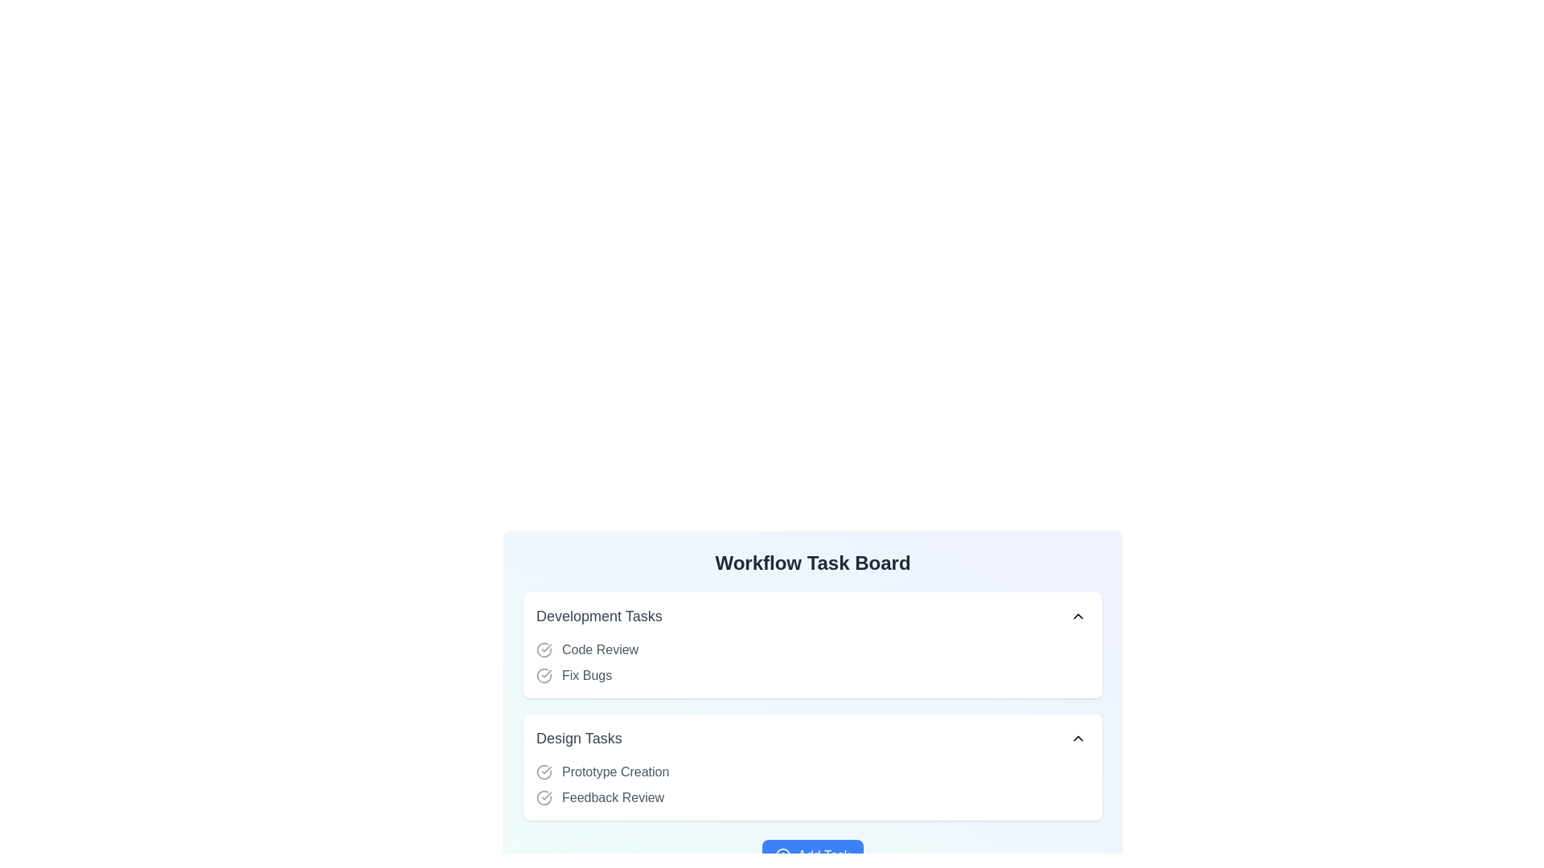 Image resolution: width=1544 pixels, height=868 pixels. Describe the element at coordinates (813, 563) in the screenshot. I see `text heading 'Workflow Task Board' which is displayed prominently in a bold and large font at the top of the card-like component` at that location.